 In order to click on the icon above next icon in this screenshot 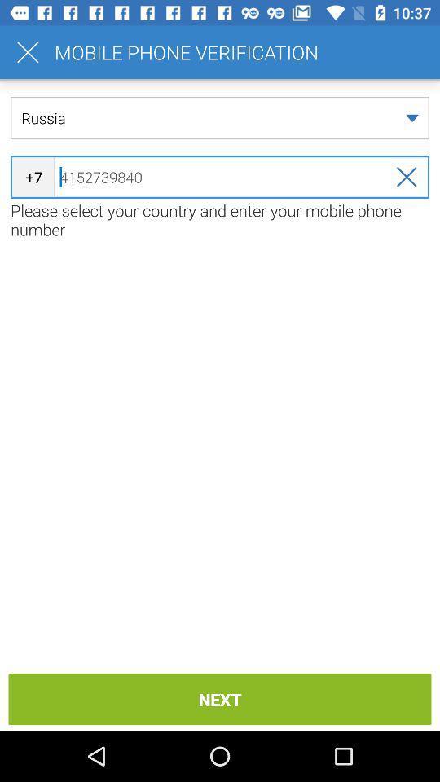, I will do `click(220, 219)`.